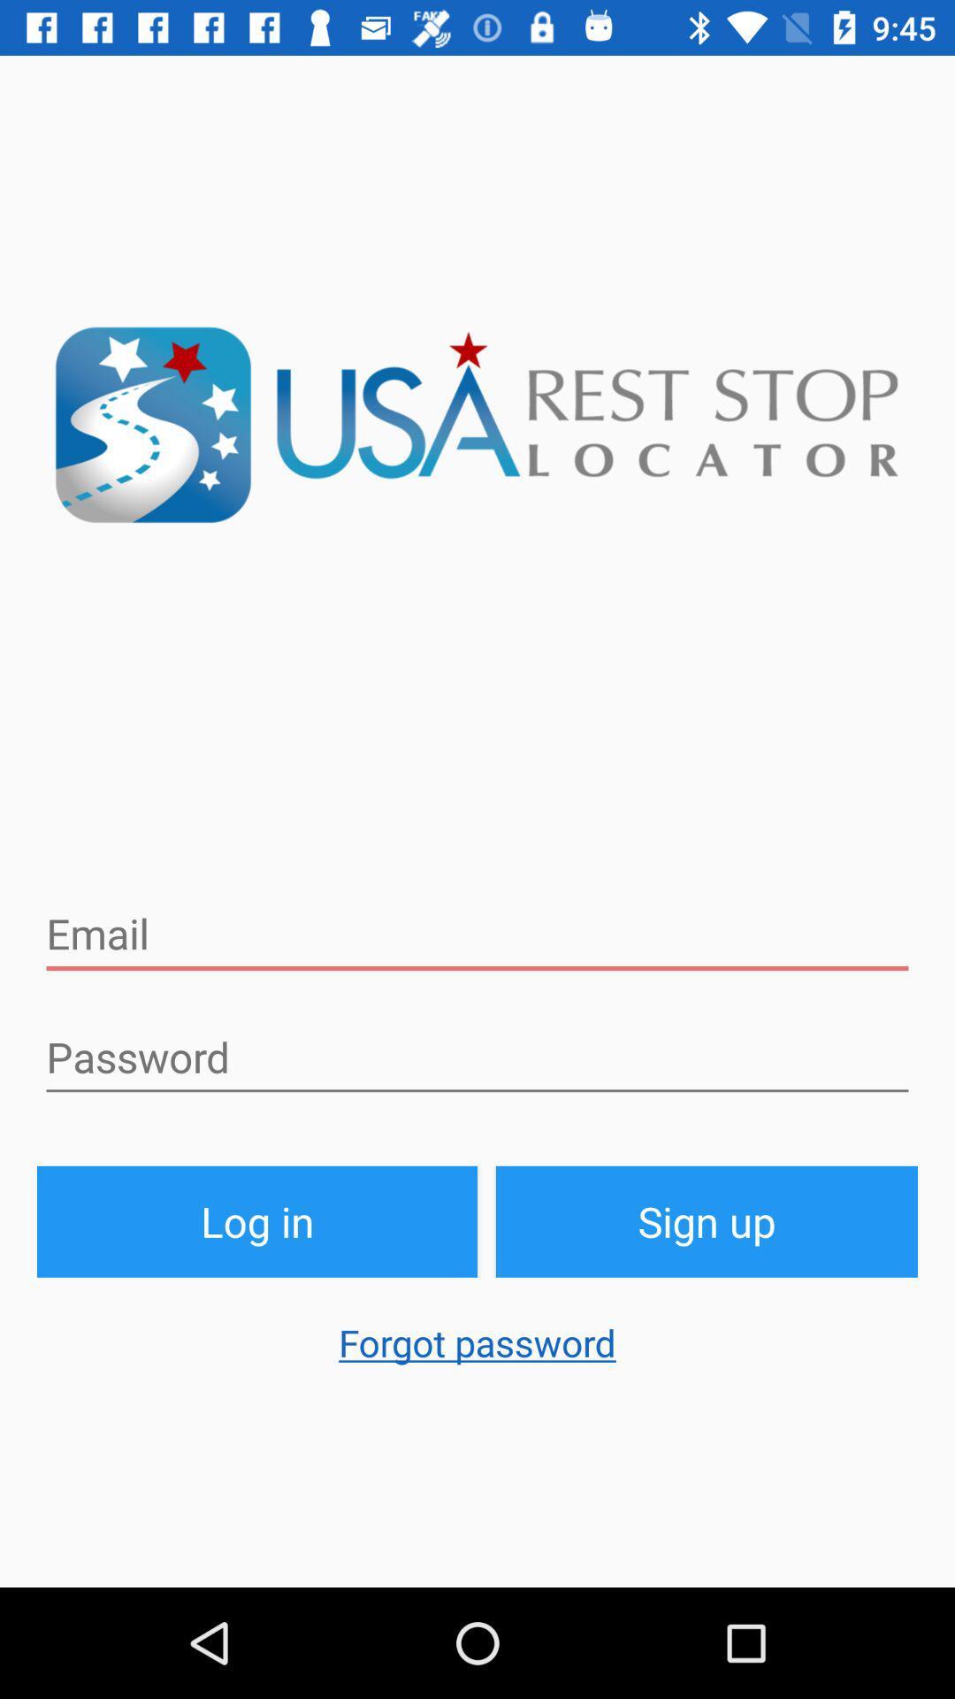 This screenshot has width=955, height=1699. Describe the element at coordinates (477, 934) in the screenshot. I see `email address` at that location.